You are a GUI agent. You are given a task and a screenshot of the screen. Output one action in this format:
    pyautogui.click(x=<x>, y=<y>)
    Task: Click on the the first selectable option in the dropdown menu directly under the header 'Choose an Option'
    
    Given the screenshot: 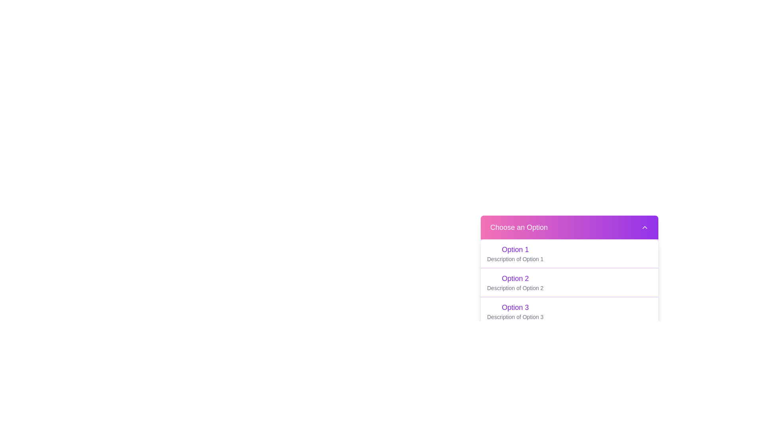 What is the action you would take?
    pyautogui.click(x=515, y=249)
    